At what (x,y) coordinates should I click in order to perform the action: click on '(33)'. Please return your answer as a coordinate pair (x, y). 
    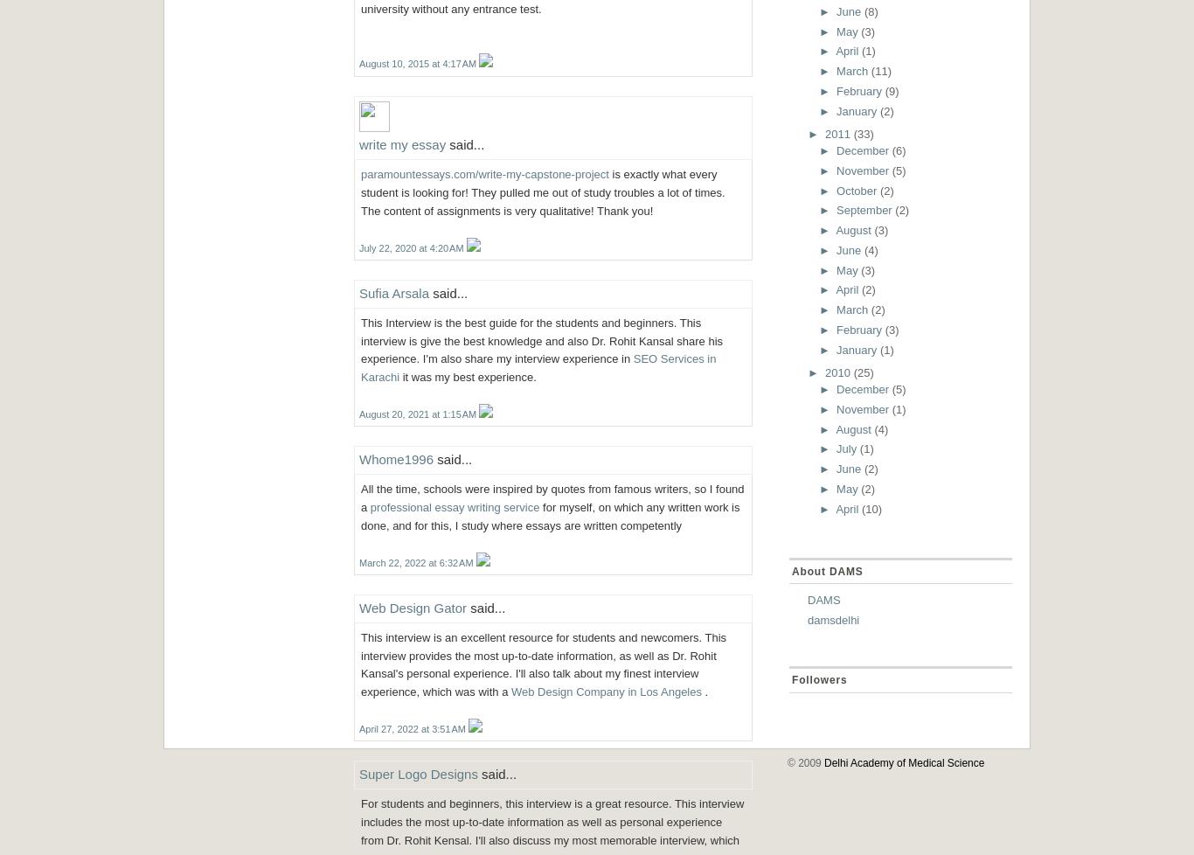
    Looking at the image, I should click on (863, 133).